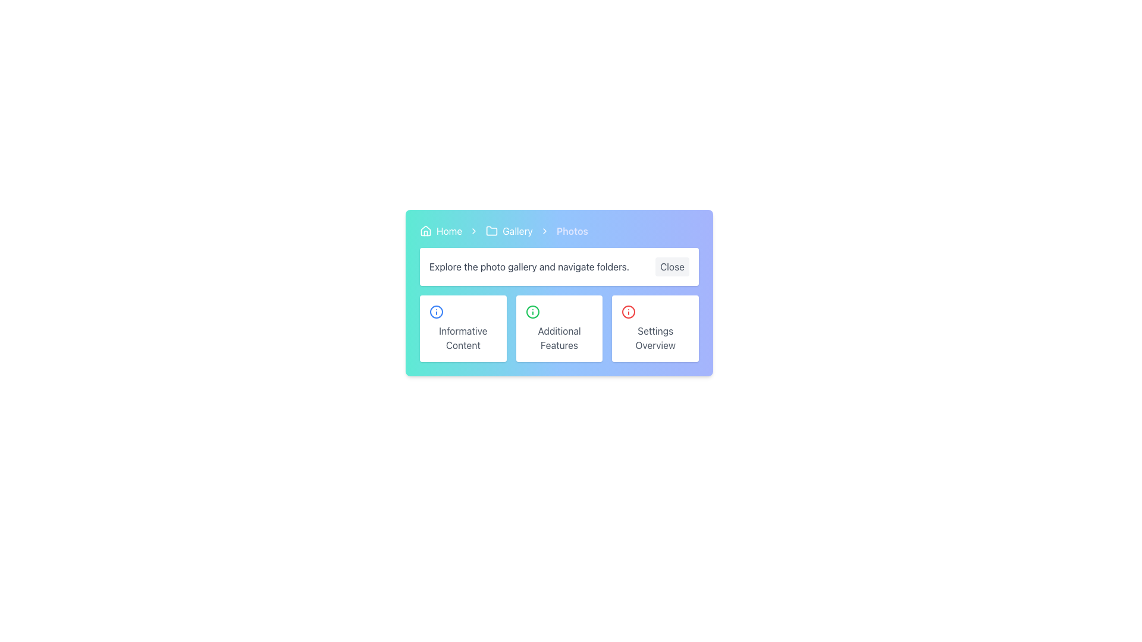  Describe the element at coordinates (559, 231) in the screenshot. I see `text of the Breadcrumb link sequence situated below the header text, which provides navigational context and allows users to identify their current location within the application hierarchy` at that location.